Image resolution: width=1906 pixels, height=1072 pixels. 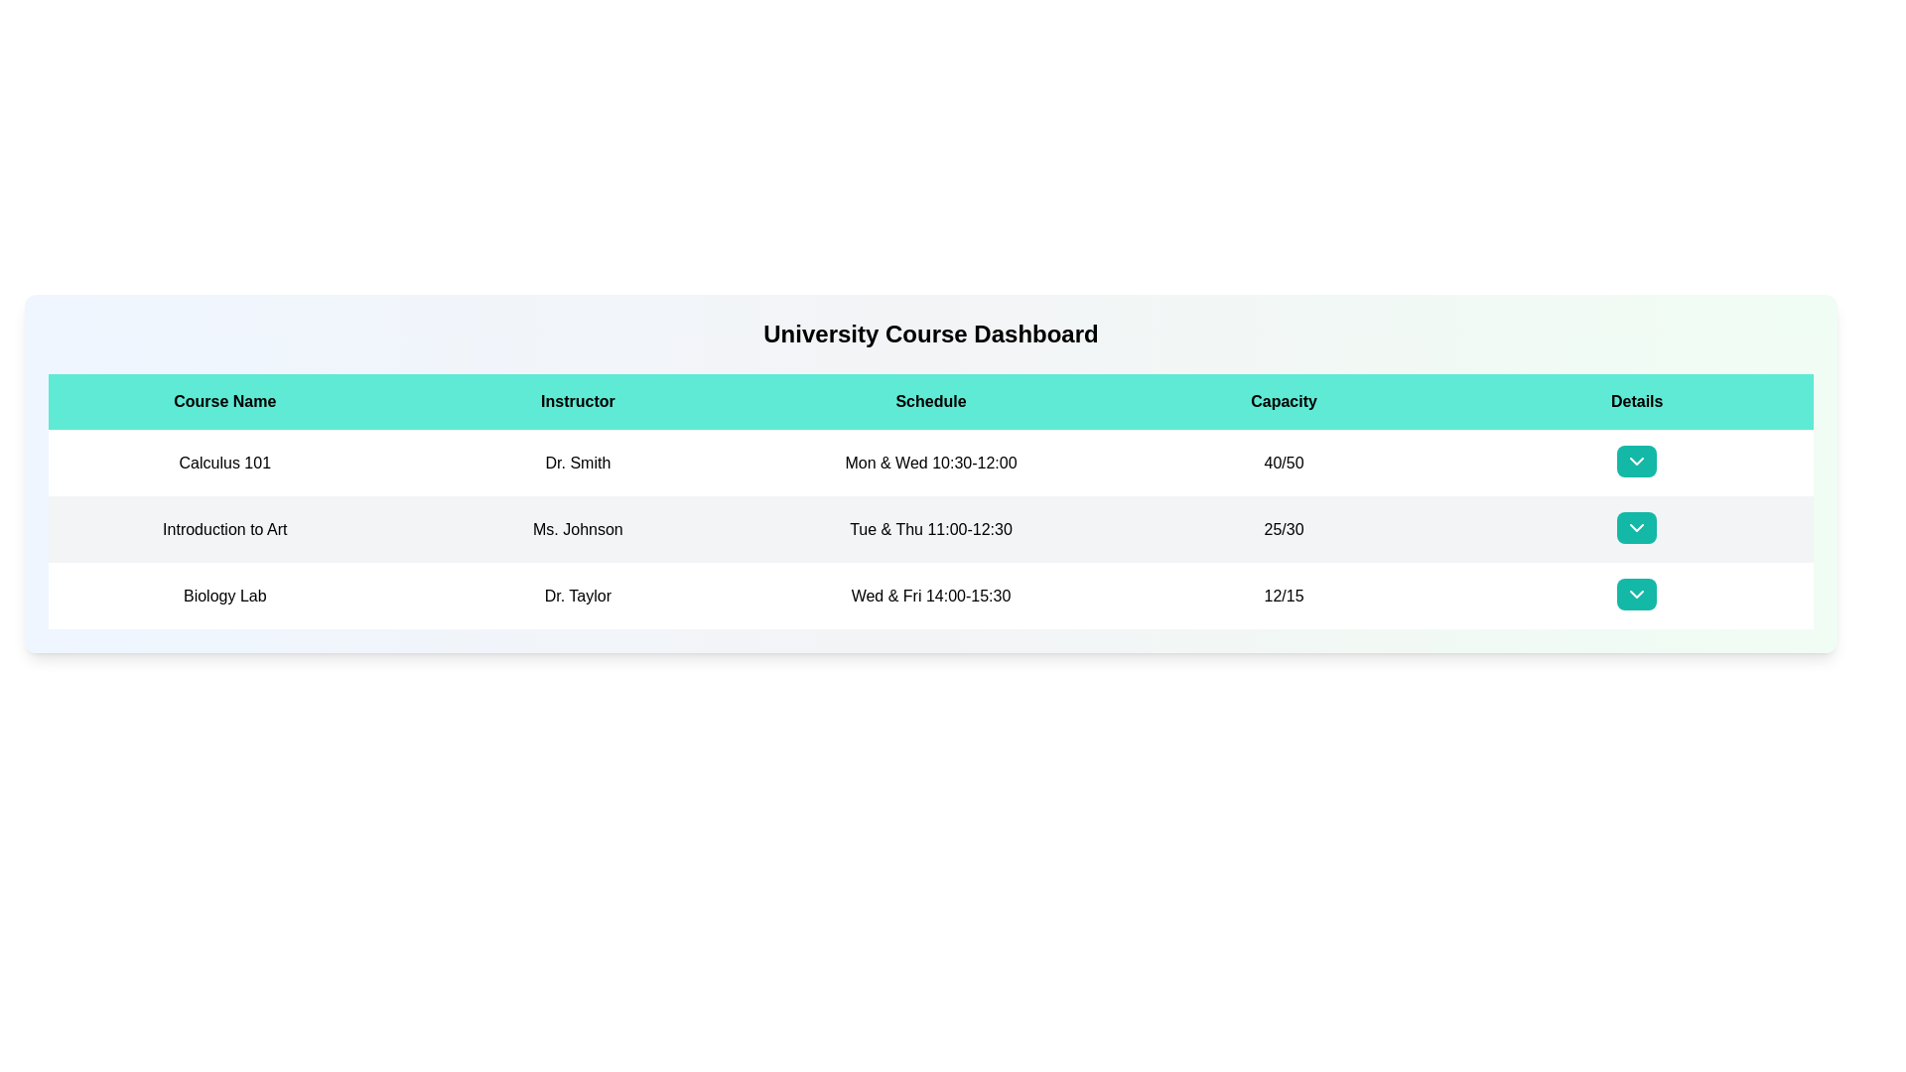 I want to click on the header label indicating course capacities, which is the fourth column in the table header, located between the 'Schedule' and 'Details' headers, so click(x=1284, y=402).